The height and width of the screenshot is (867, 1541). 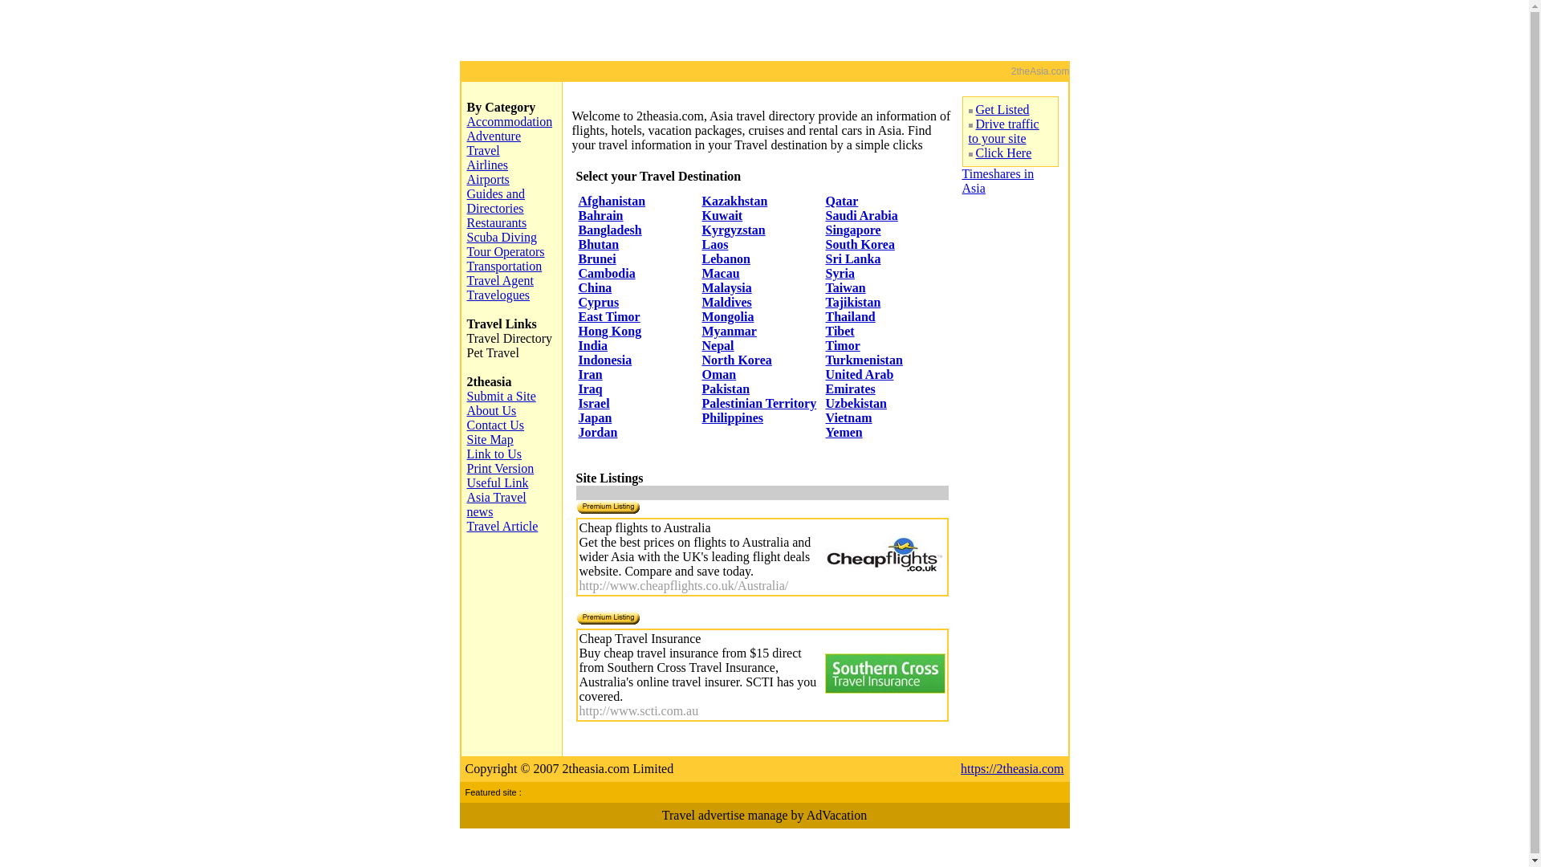 I want to click on 'East Timor', so click(x=608, y=316).